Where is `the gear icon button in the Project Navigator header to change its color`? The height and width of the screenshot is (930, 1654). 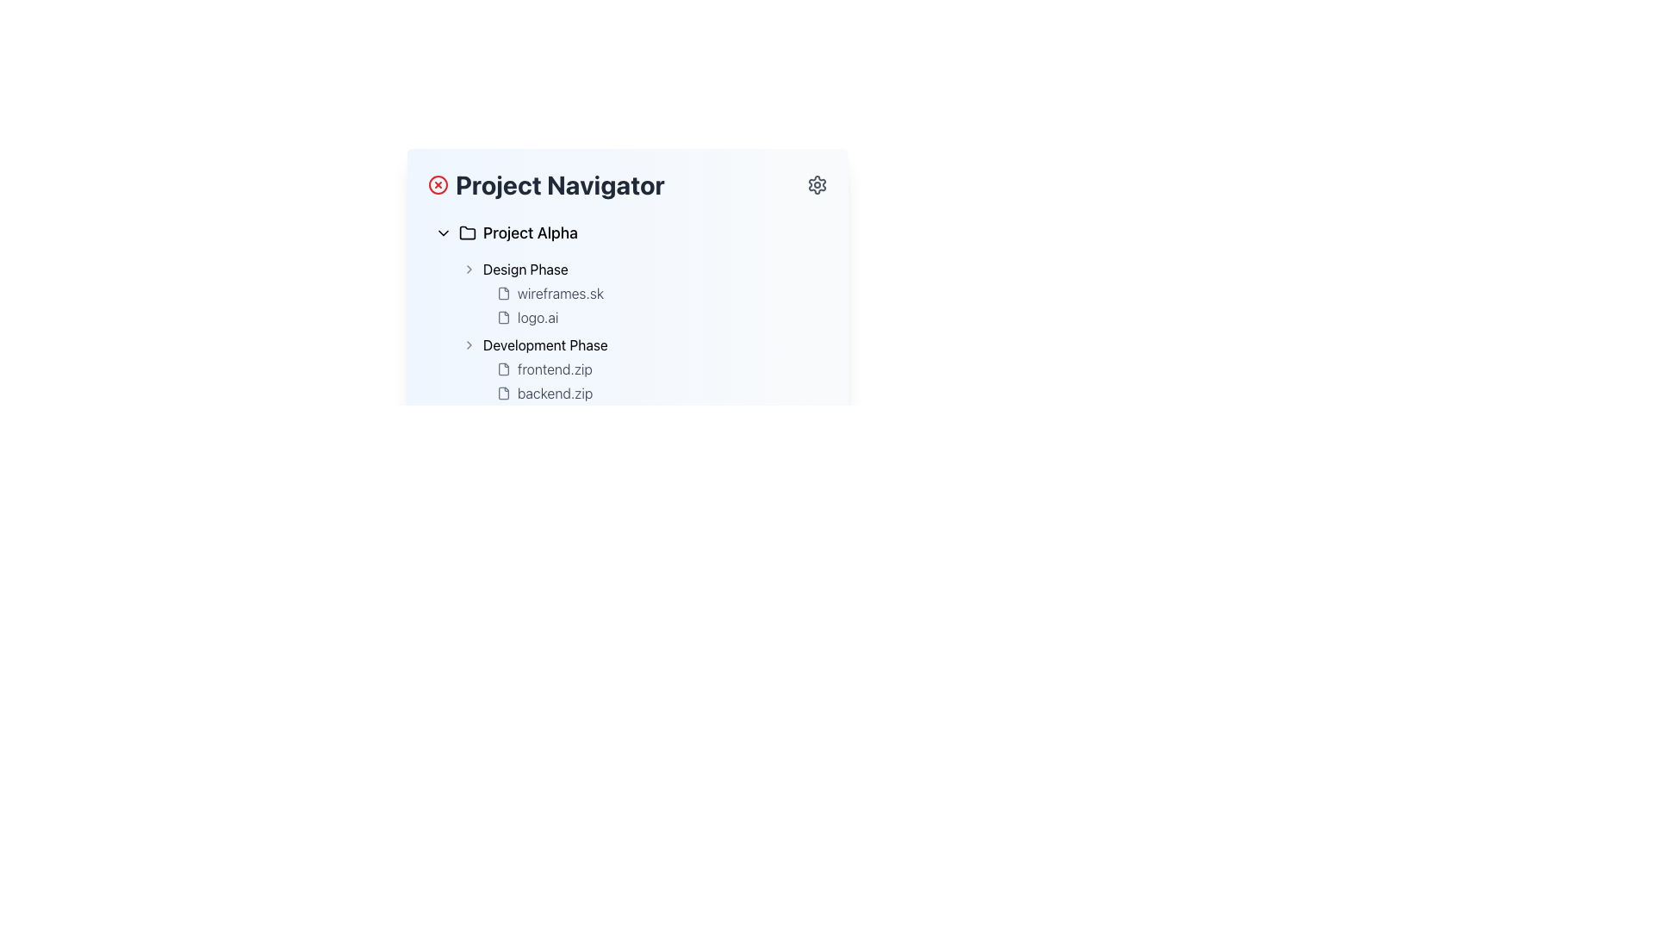 the gear icon button in the Project Navigator header to change its color is located at coordinates (817, 185).